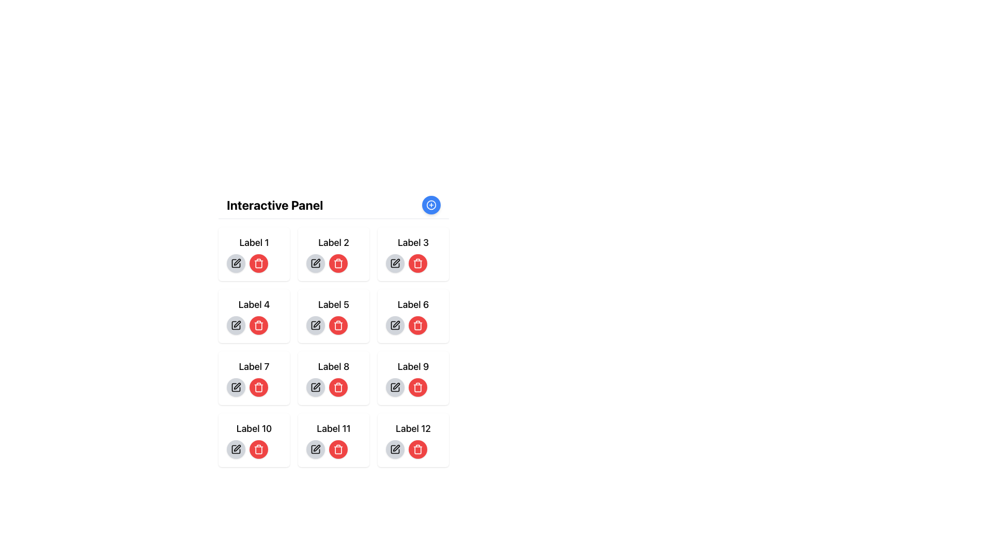  Describe the element at coordinates (315, 324) in the screenshot. I see `the edit button located in the interactive panel for 'Label 5', which is the leftmost button in its group of two buttons` at that location.